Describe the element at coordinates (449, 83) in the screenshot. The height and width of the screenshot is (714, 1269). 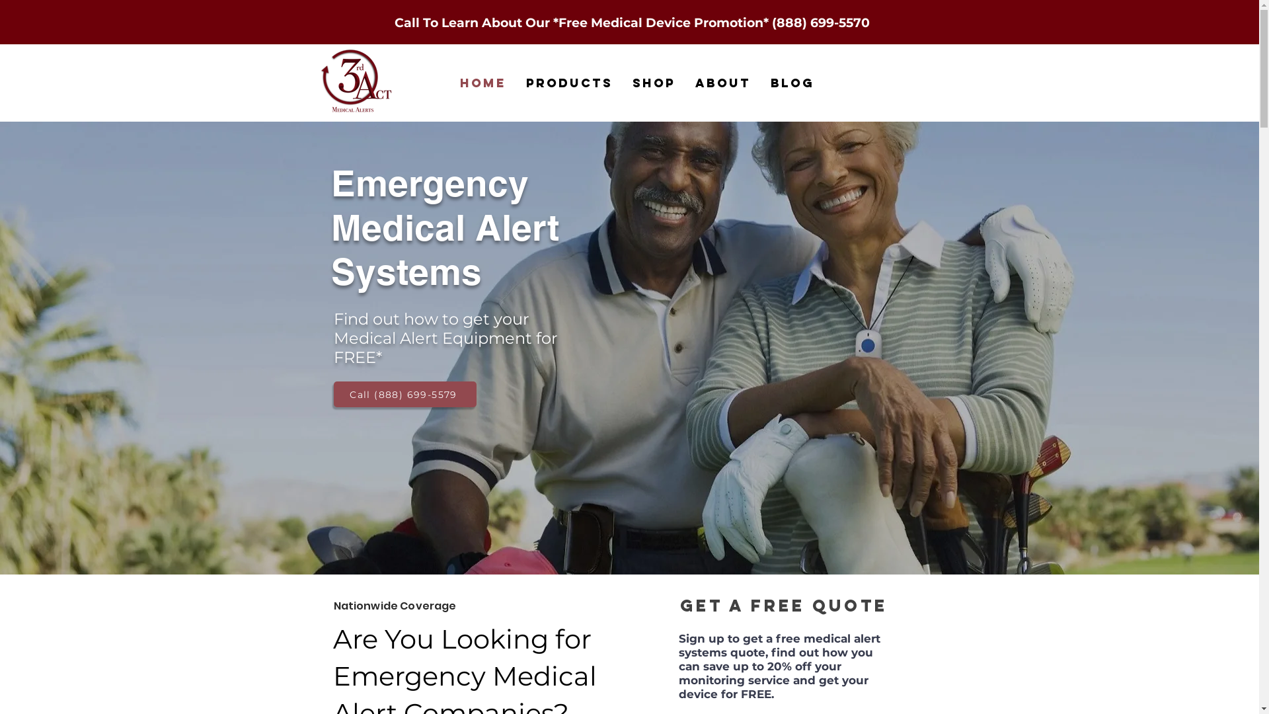
I see `'Home'` at that location.